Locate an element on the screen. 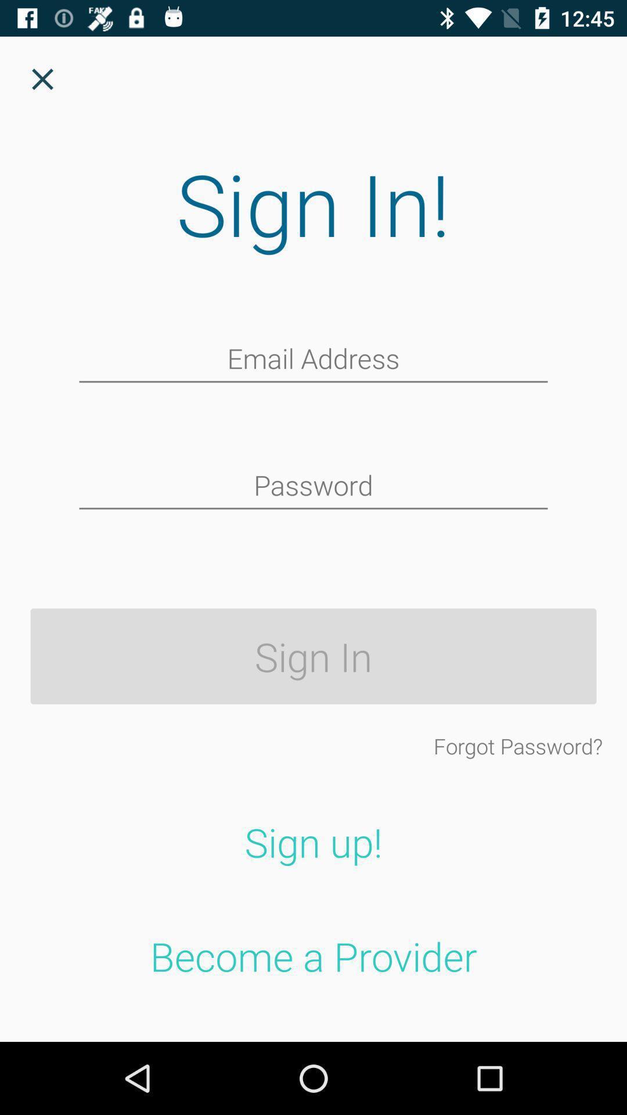  item below sign in! icon is located at coordinates (313, 359).